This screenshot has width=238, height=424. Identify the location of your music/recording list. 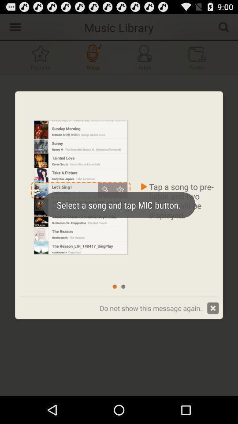
(197, 57).